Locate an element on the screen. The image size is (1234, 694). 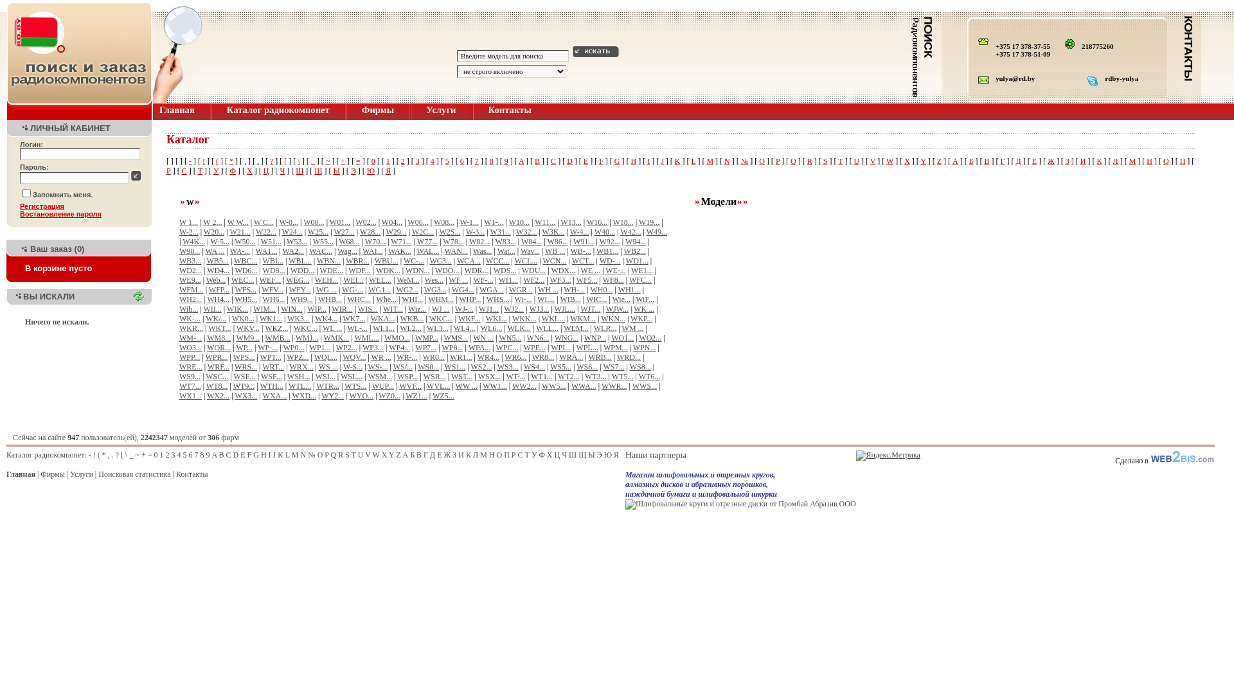
'K' is located at coordinates (674, 160).